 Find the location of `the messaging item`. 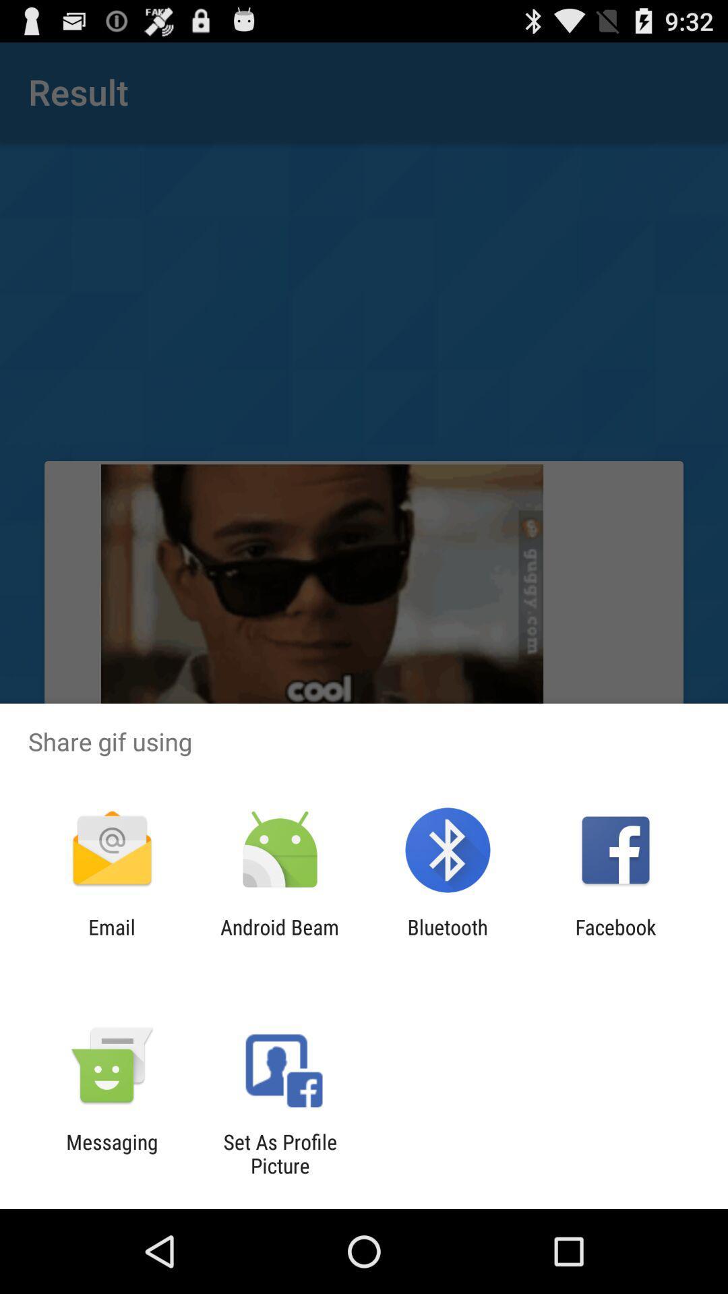

the messaging item is located at coordinates (111, 1153).